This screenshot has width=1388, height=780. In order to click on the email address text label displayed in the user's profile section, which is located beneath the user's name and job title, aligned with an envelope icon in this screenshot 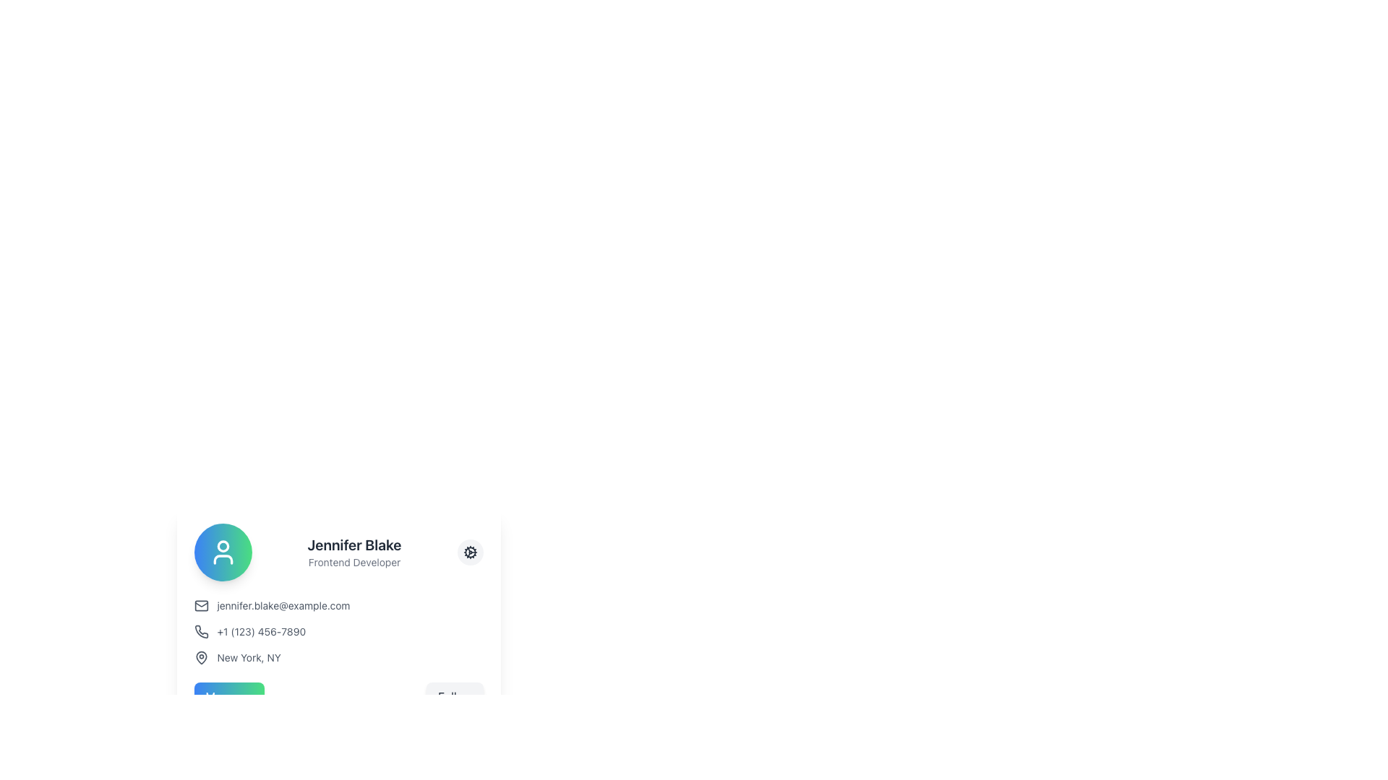, I will do `click(338, 606)`.